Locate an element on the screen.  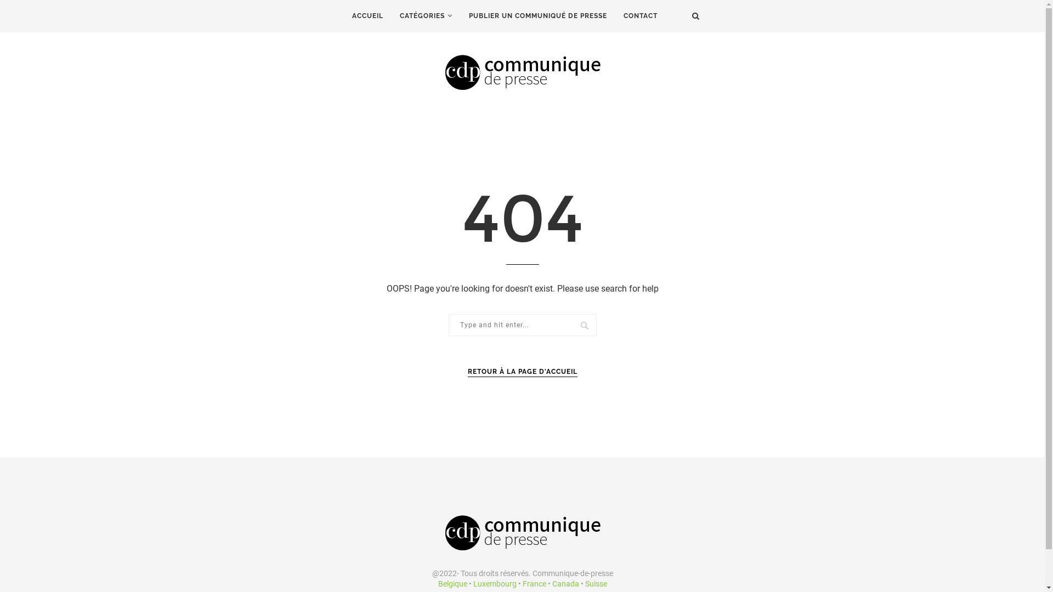
'France' is located at coordinates (521, 583).